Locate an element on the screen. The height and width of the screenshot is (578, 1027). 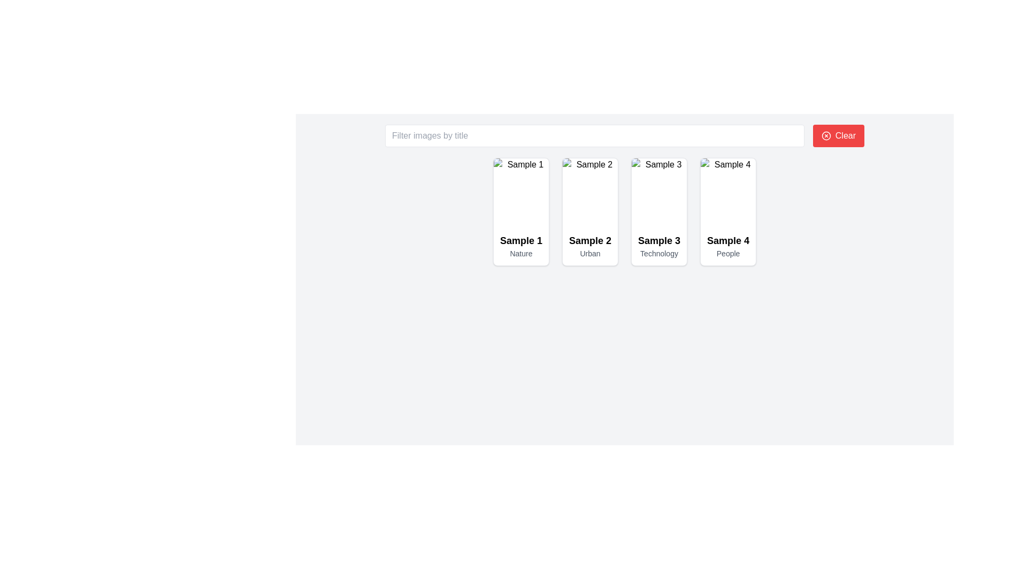
the card labeled 'Sample 4' with the subtitle 'People', which is the fourth card in the grid layout positioned in the first row to the far right is located at coordinates (727, 212).